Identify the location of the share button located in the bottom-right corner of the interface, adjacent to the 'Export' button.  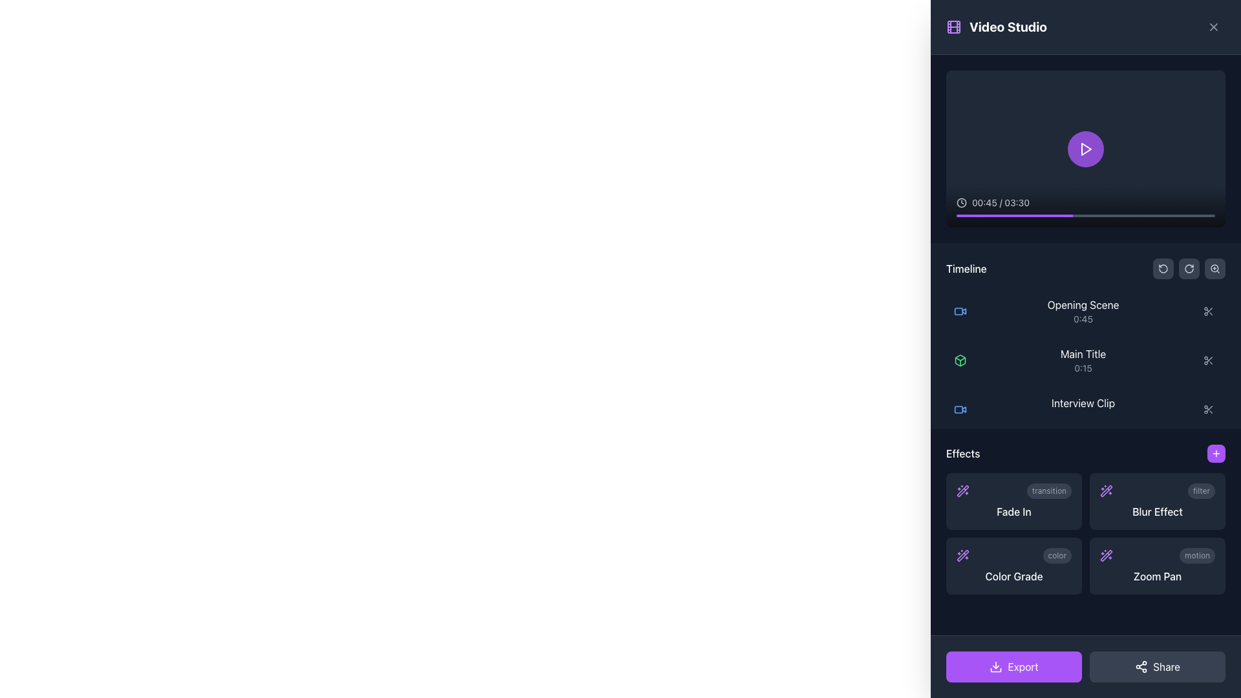
(1157, 667).